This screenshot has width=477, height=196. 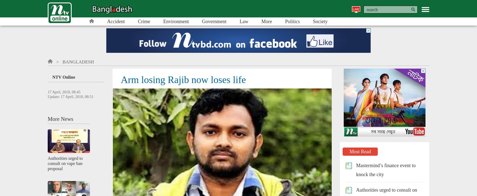 I want to click on 'Government', so click(x=214, y=21).